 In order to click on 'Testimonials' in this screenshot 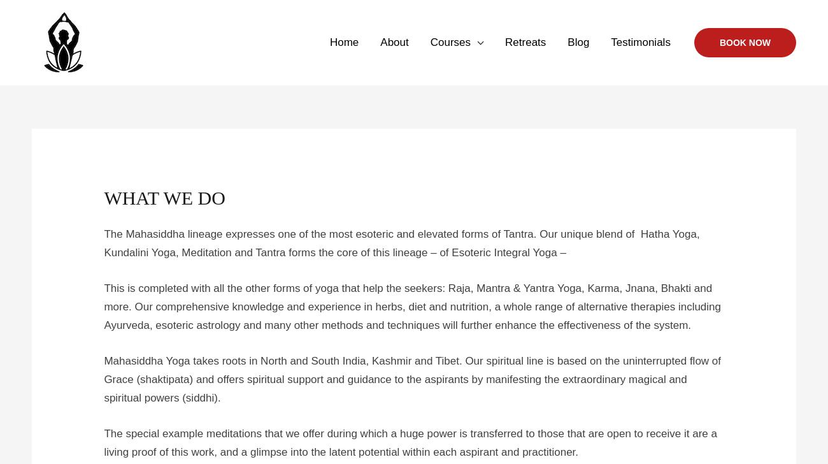, I will do `click(639, 42)`.